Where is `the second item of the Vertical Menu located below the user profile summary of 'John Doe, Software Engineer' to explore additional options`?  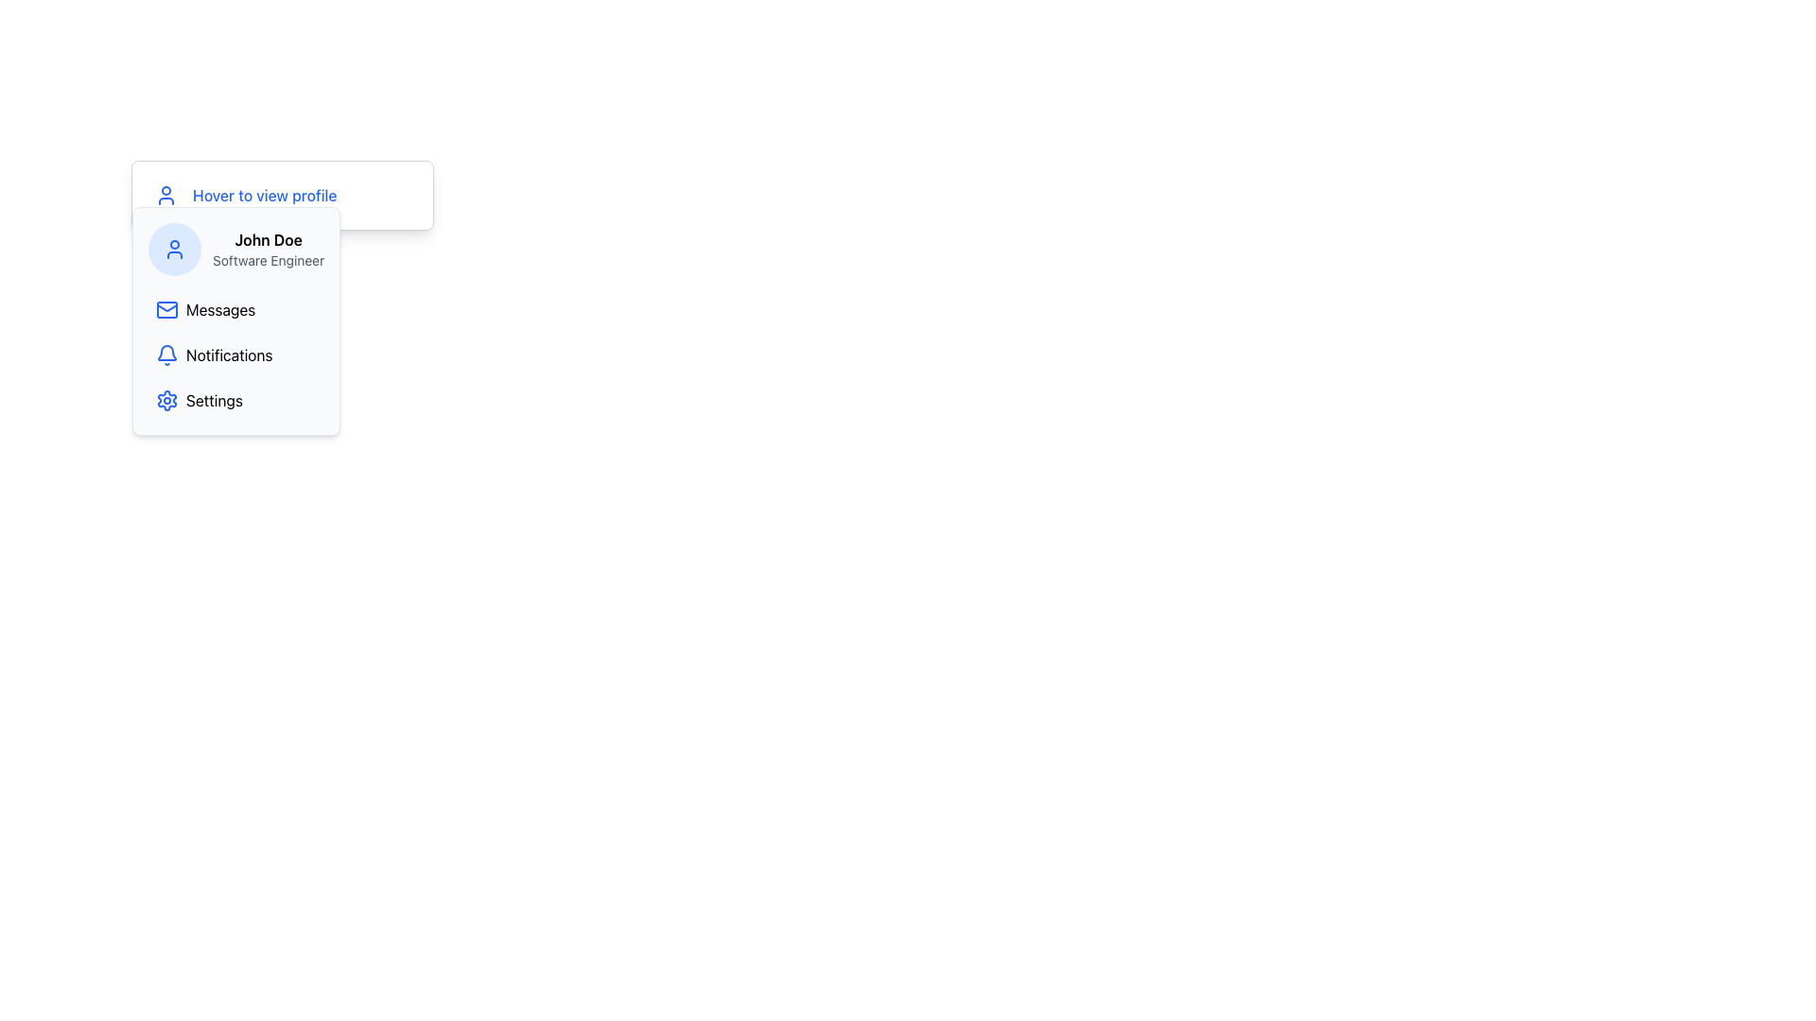 the second item of the Vertical Menu located below the user profile summary of 'John Doe, Software Engineer' to explore additional options is located at coordinates (235, 355).